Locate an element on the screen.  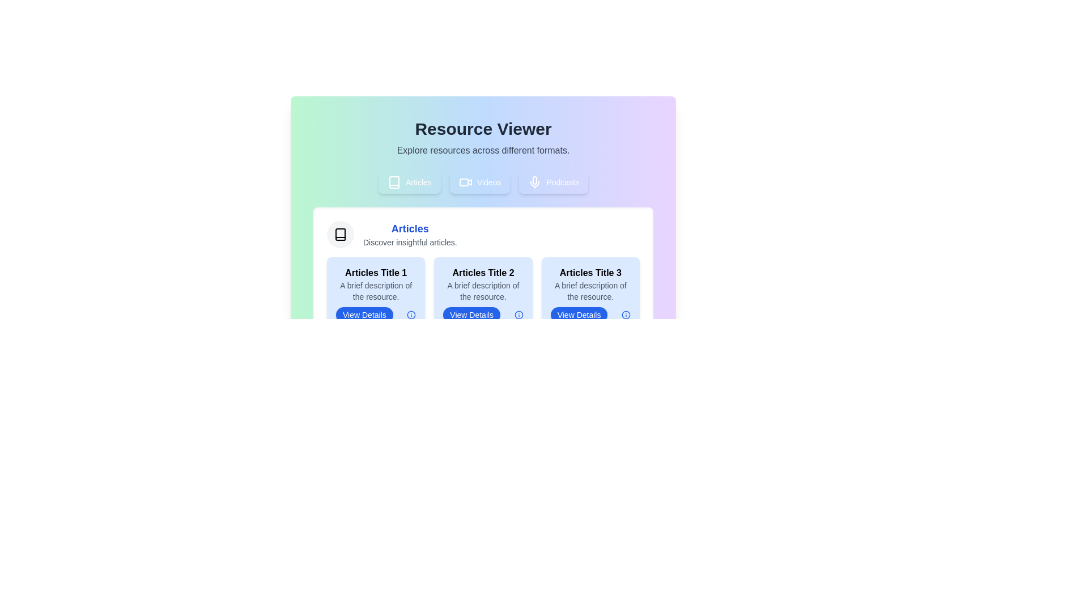
the 'Articles' text label, which is styled with small, medium weight white text against a blue background in the horizontal navigation menu is located at coordinates (418, 181).